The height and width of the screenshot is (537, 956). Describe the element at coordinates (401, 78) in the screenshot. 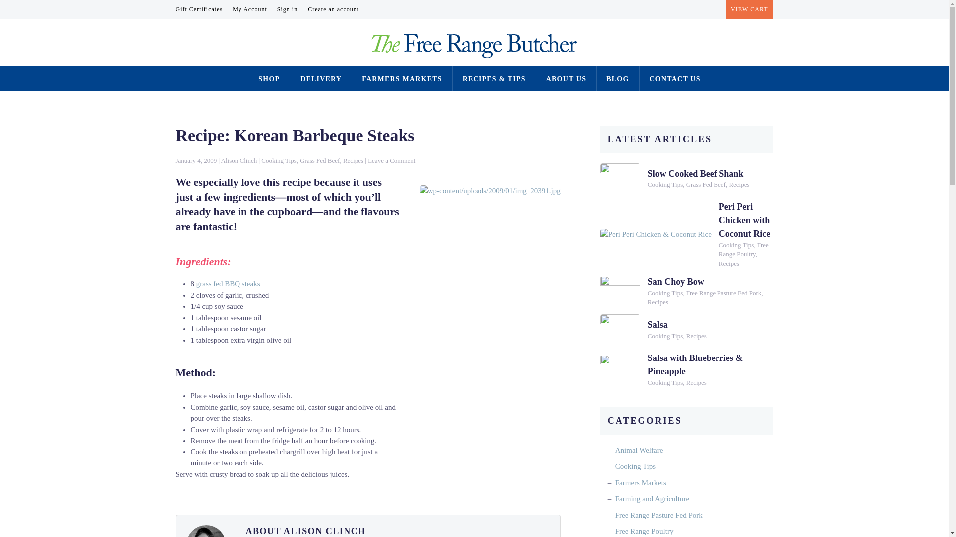

I see `'FARMERS MARKETS'` at that location.